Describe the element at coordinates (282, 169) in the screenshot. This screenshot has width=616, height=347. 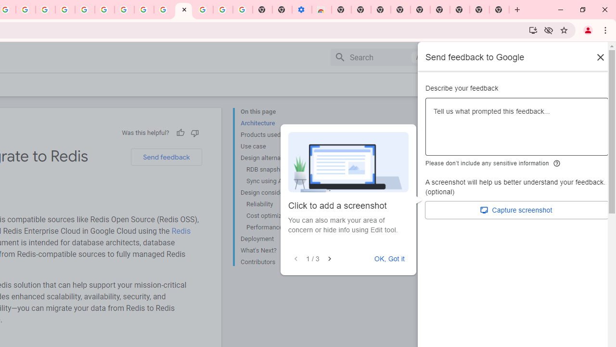
I see `'RDB snapshots'` at that location.